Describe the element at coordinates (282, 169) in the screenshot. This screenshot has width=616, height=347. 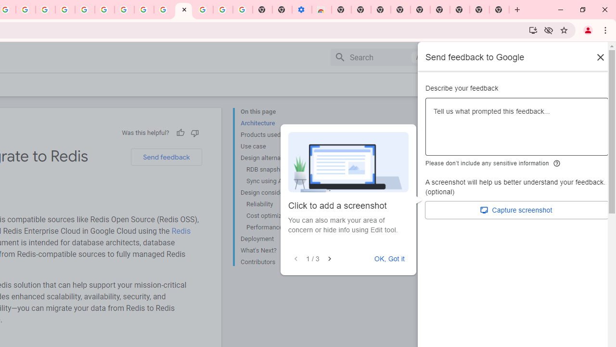
I see `'RDB snapshots'` at that location.